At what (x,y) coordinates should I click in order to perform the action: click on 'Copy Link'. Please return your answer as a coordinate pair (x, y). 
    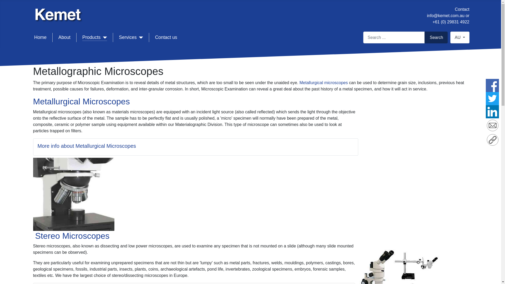
    Looking at the image, I should click on (492, 140).